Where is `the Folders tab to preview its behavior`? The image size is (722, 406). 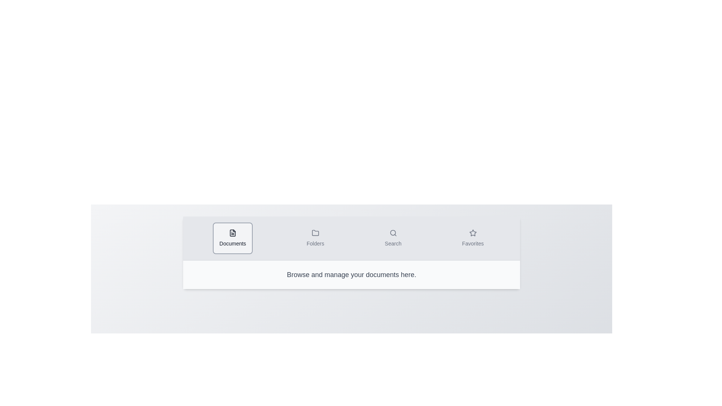 the Folders tab to preview its behavior is located at coordinates (315, 238).